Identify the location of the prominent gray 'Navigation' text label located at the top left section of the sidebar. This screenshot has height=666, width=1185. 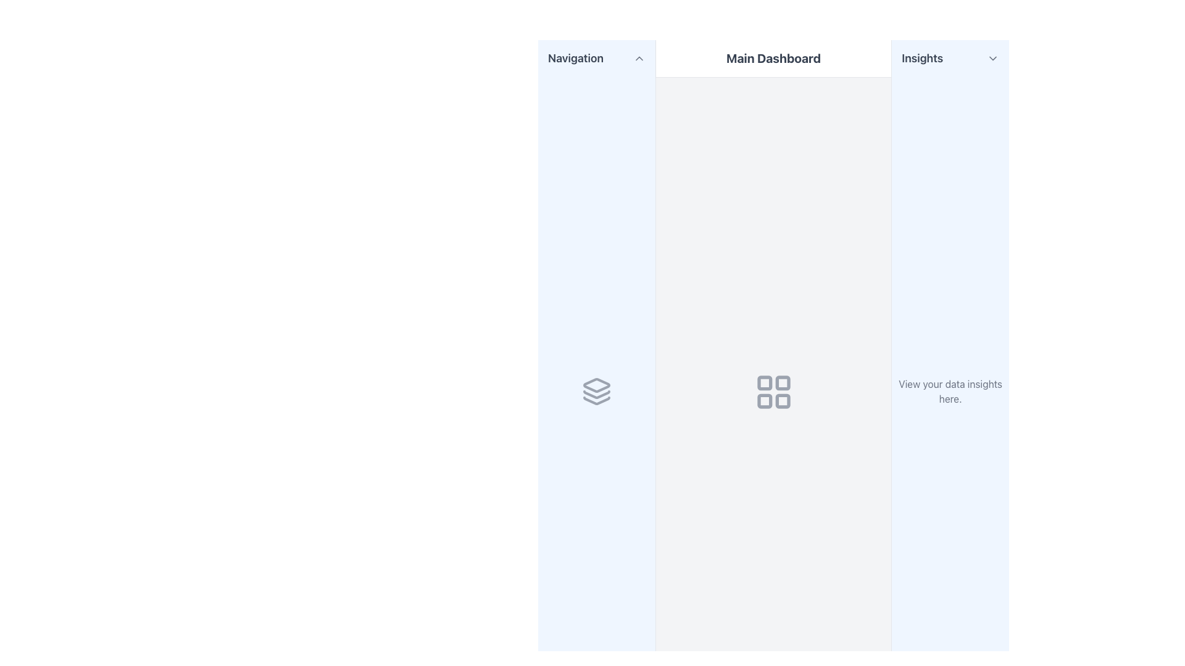
(575, 59).